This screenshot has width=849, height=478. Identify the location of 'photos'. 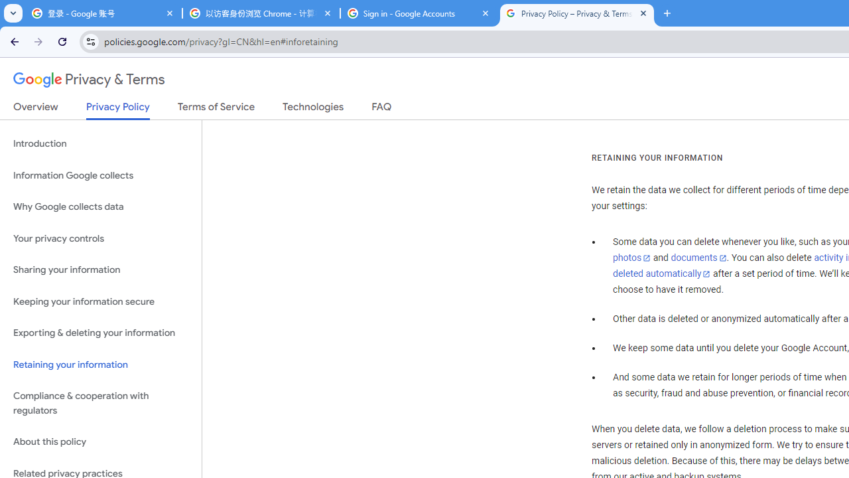
(631, 258).